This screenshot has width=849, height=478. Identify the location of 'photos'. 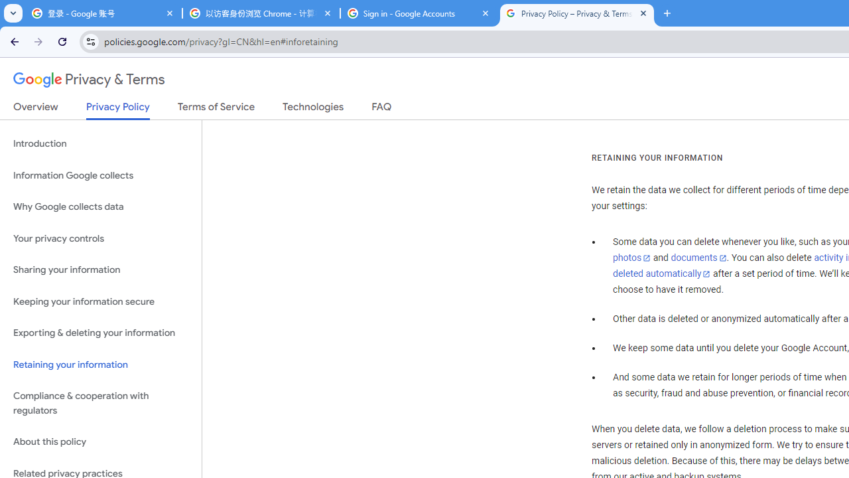
(631, 258).